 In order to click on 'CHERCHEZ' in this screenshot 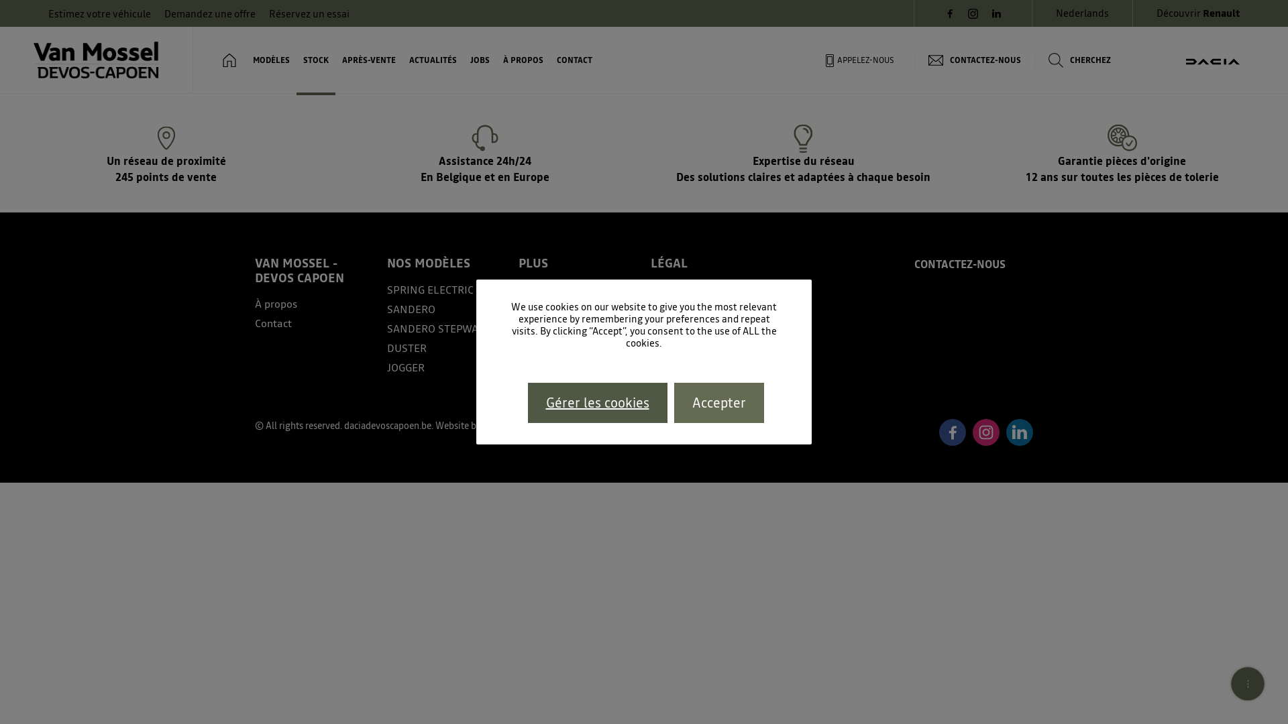, I will do `click(1079, 59)`.